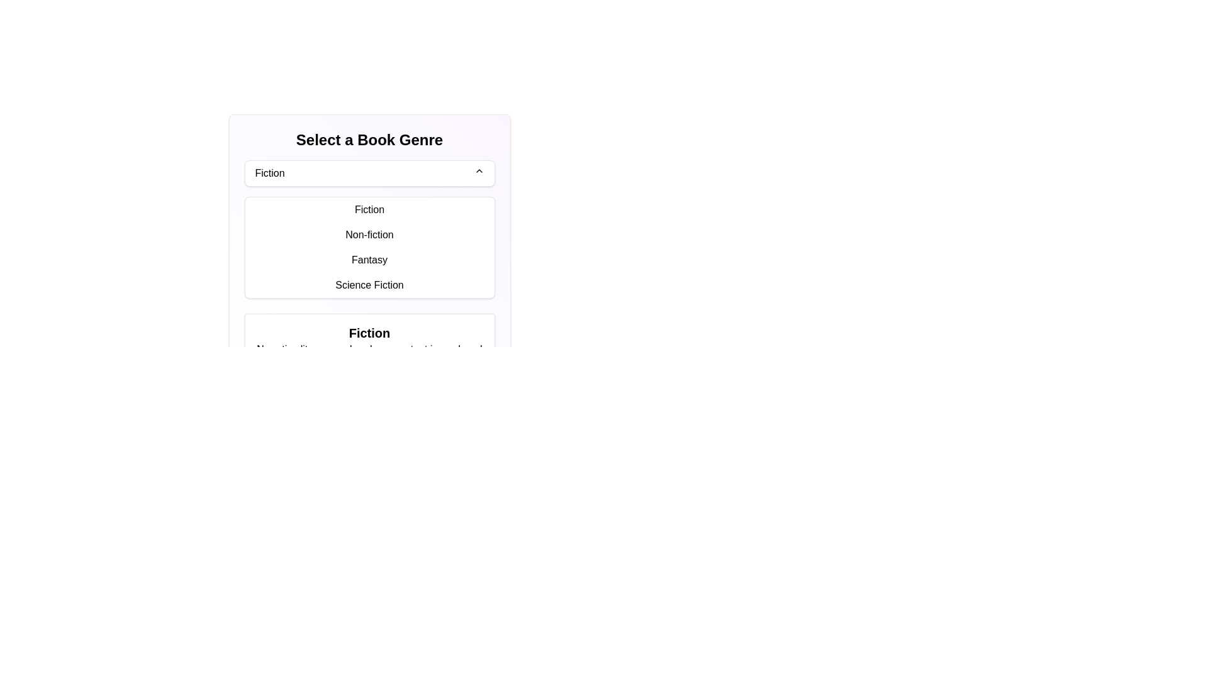 The image size is (1208, 679). Describe the element at coordinates (269, 174) in the screenshot. I see `the Text Display that shows the currently selected book genre in the 'Select a Book Genre' dropdown menu` at that location.